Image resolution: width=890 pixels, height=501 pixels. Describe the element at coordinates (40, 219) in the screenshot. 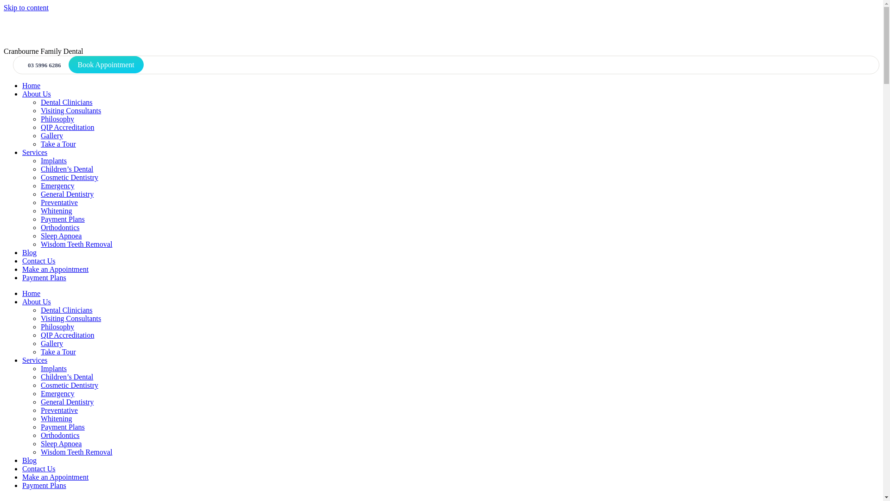

I see `'Payment Plans'` at that location.